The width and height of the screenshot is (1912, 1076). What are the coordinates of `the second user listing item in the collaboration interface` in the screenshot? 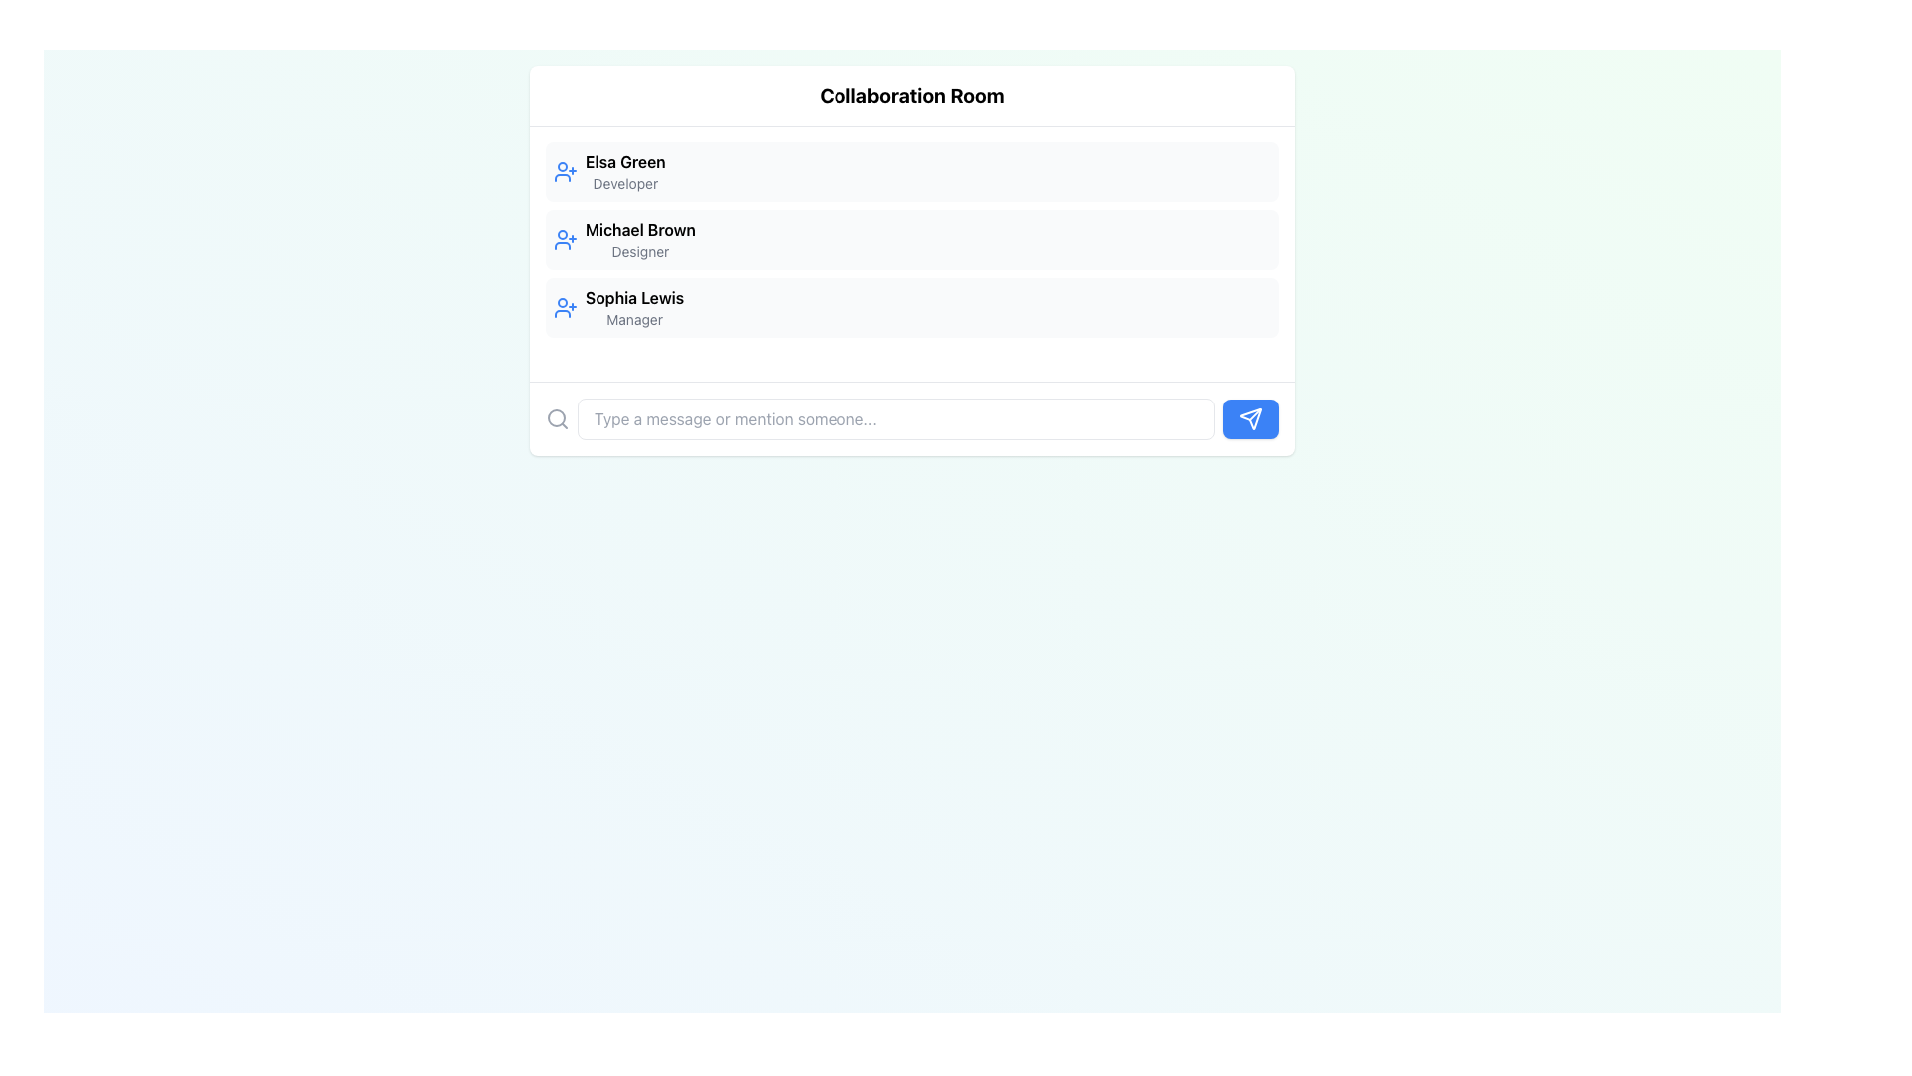 It's located at (911, 238).